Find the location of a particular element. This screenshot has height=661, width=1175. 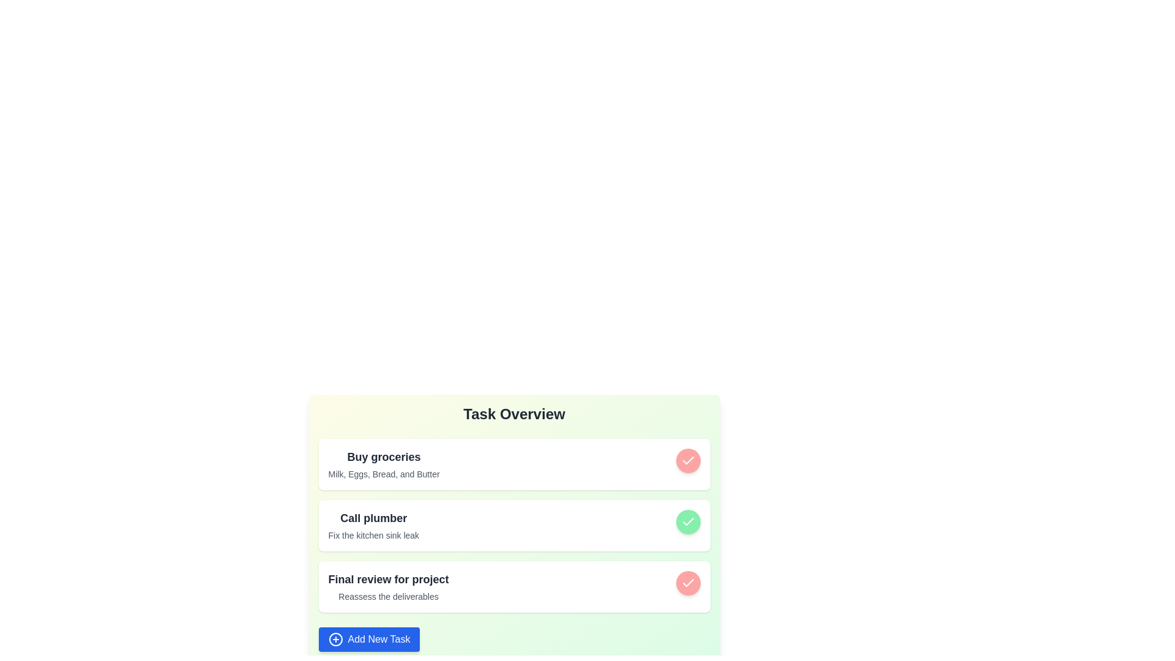

the 'Add New Task' button is located at coordinates (368, 639).